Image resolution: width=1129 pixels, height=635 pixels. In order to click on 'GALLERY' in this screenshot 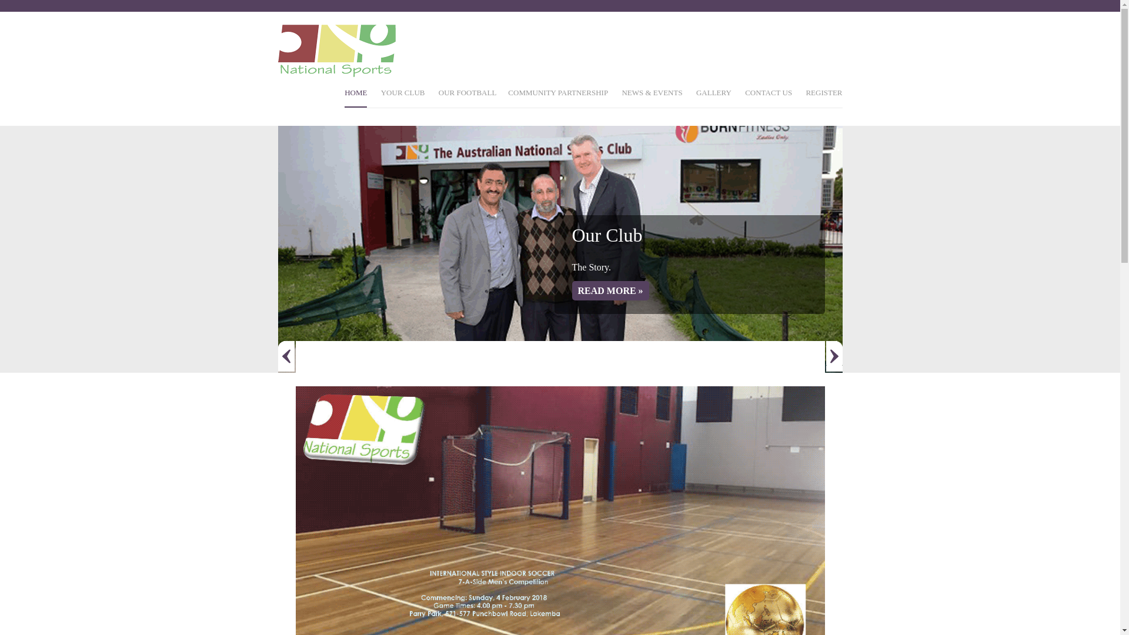, I will do `click(713, 97)`.